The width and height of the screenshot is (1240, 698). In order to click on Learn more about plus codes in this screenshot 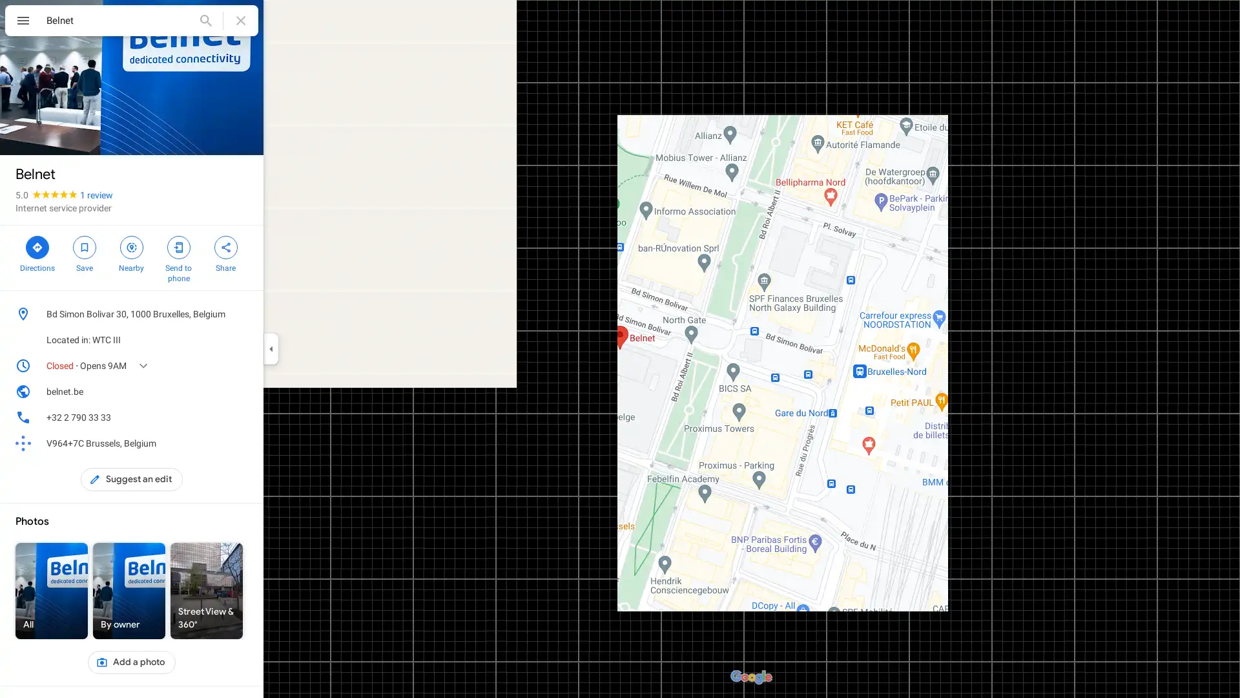, I will do `click(242, 443)`.